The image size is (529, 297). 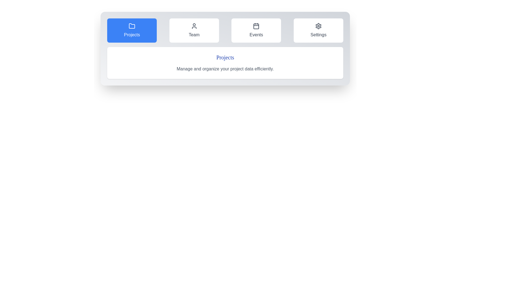 I want to click on the Settings tab by clicking on its button, so click(x=319, y=31).